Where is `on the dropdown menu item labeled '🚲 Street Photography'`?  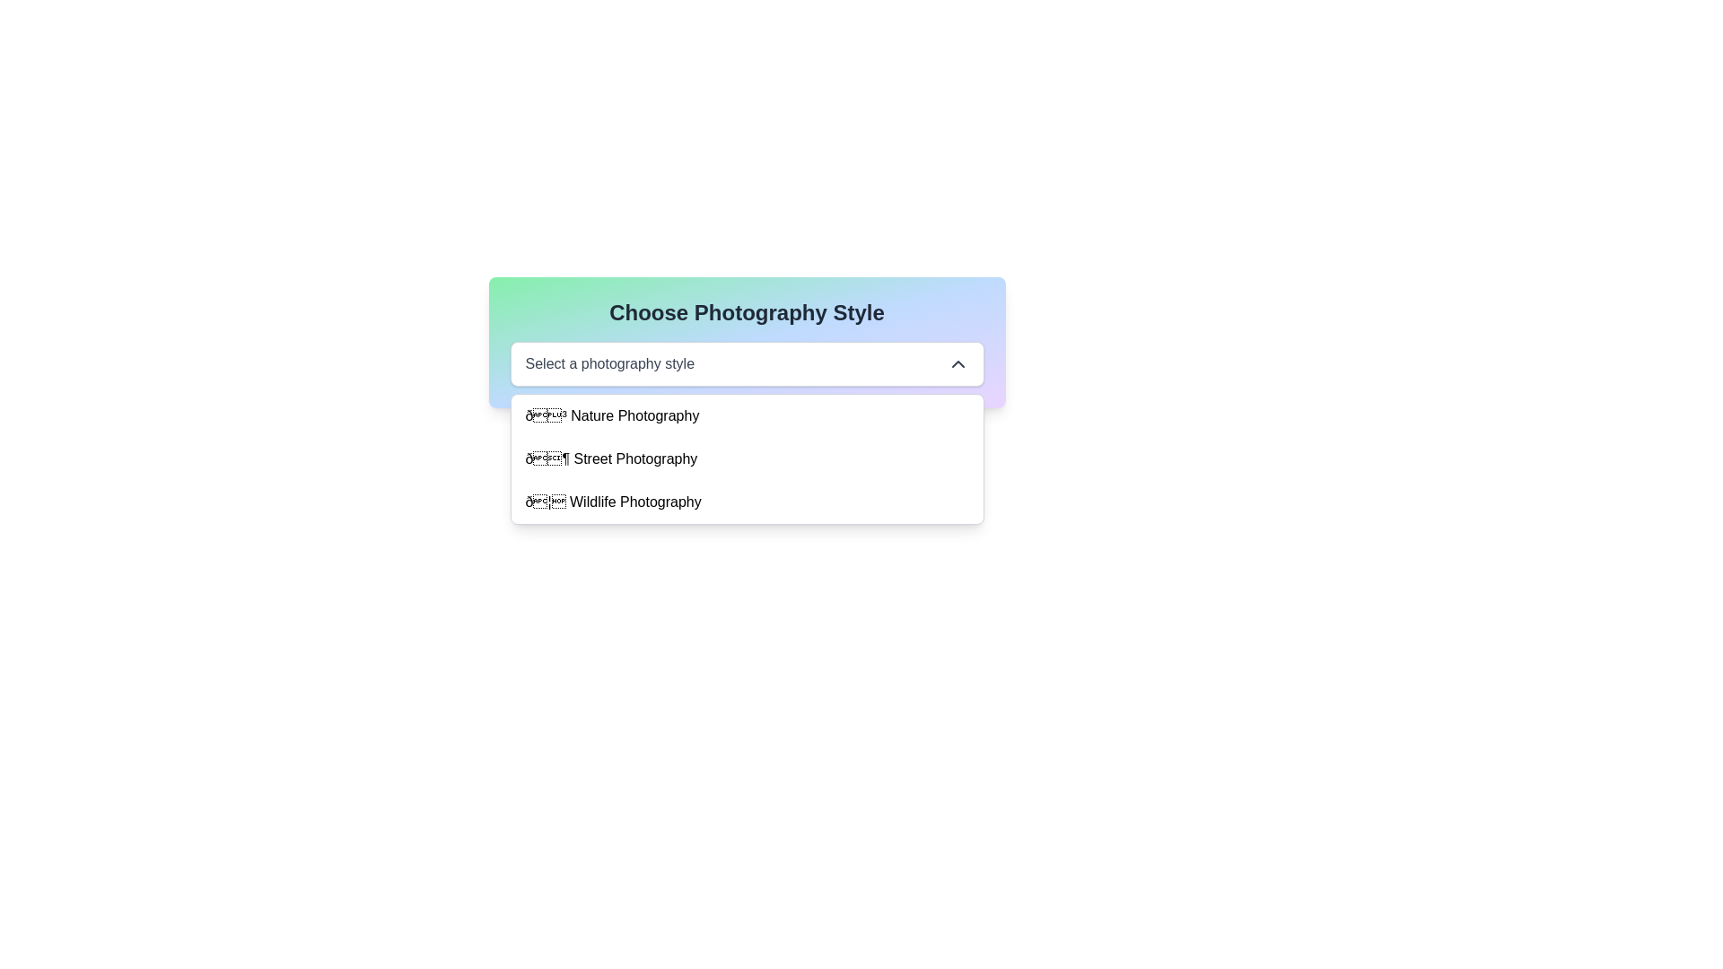 on the dropdown menu item labeled '🚲 Street Photography' is located at coordinates (747, 458).